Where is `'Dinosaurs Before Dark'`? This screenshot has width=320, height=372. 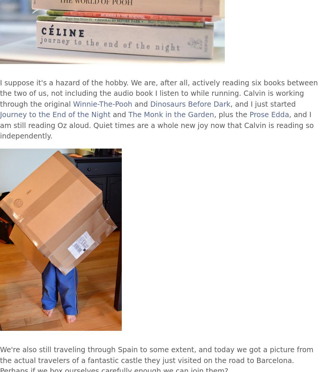 'Dinosaurs Before Dark' is located at coordinates (190, 103).